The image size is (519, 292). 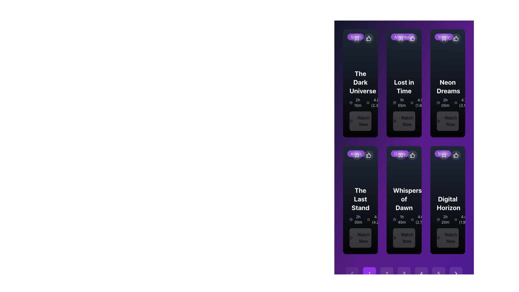 I want to click on the left-pointing chevron icon button located in the bottom-left corner of the navigation area, so click(x=352, y=273).